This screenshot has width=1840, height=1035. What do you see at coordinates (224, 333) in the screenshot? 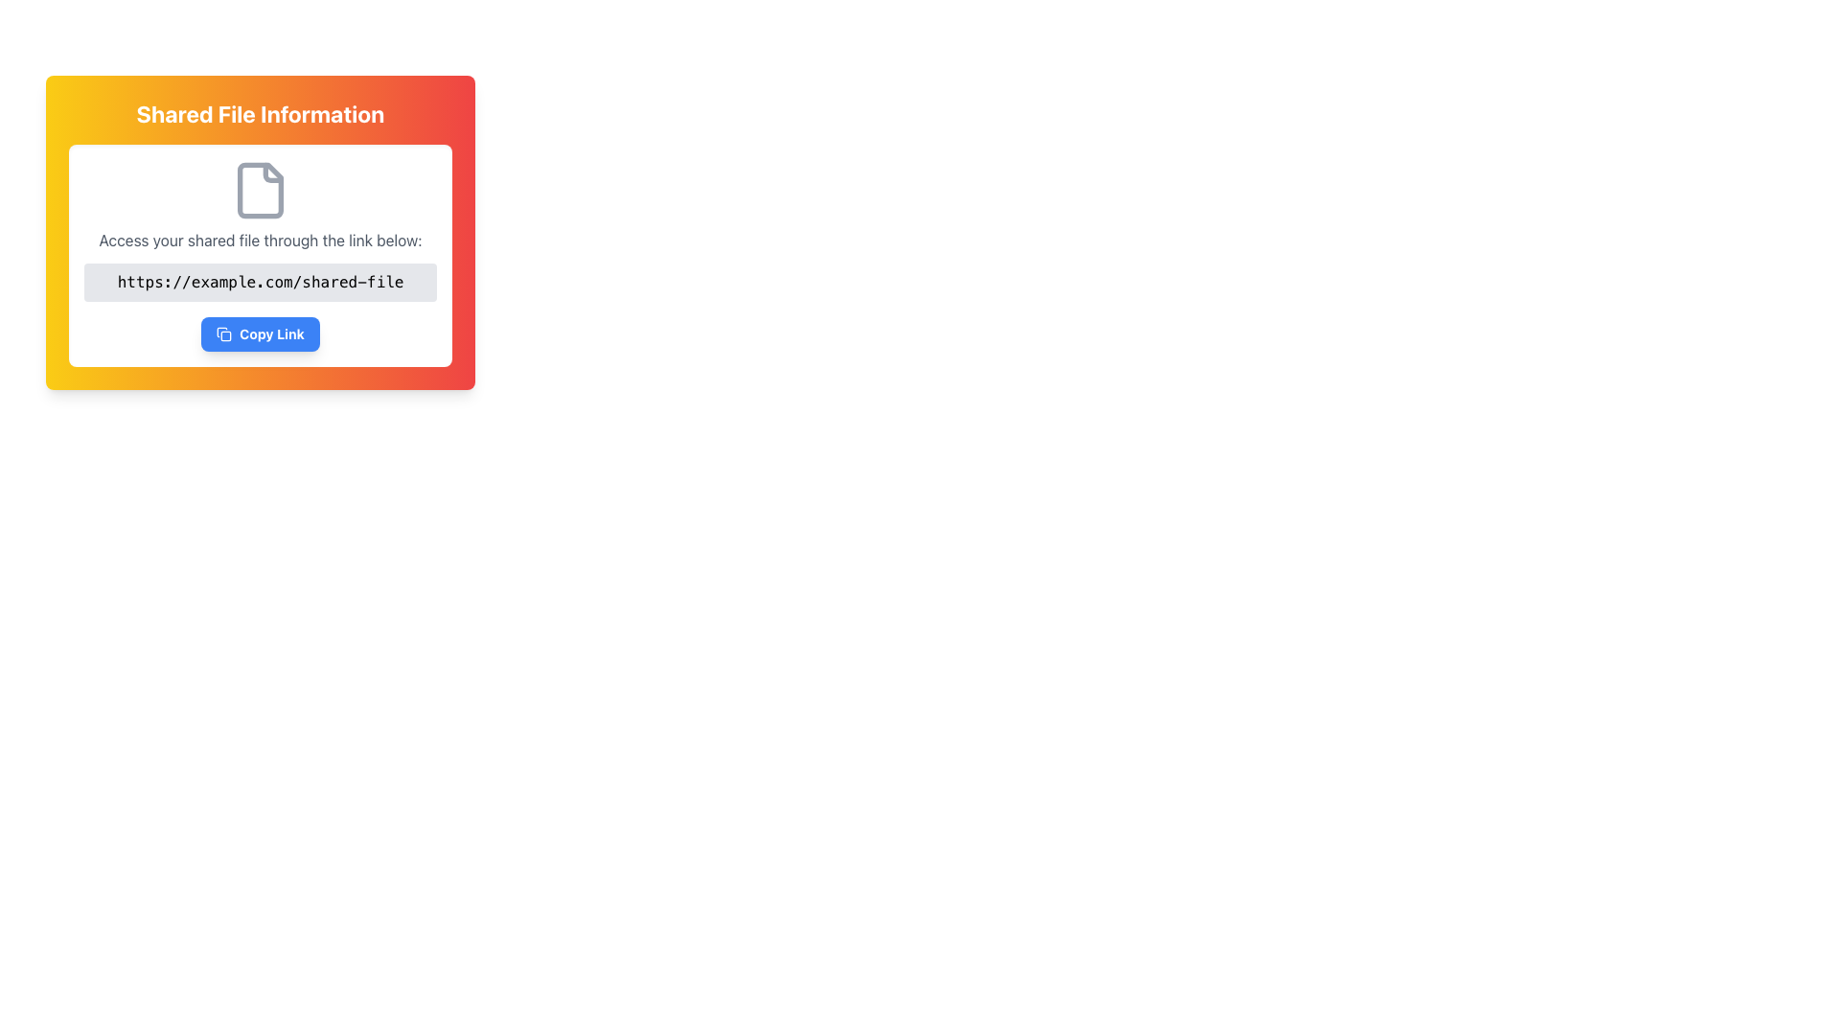
I see `the small blue outlined copy icon located on the leftmost section of the 'Copy Link' button` at bounding box center [224, 333].